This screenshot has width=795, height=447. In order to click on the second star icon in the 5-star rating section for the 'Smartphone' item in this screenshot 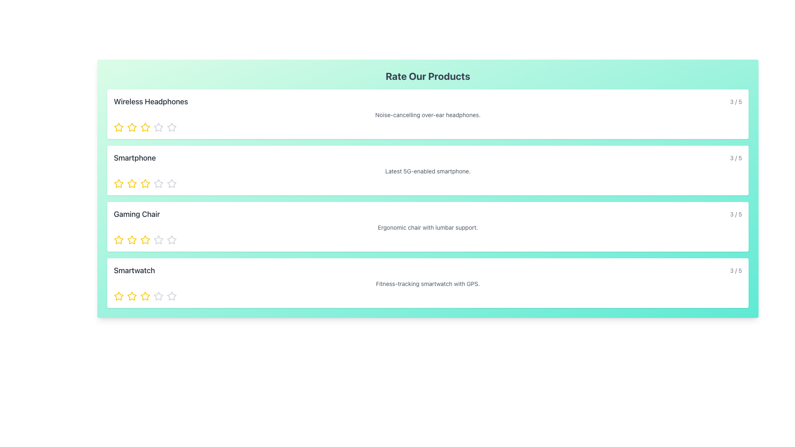, I will do `click(145, 183)`.